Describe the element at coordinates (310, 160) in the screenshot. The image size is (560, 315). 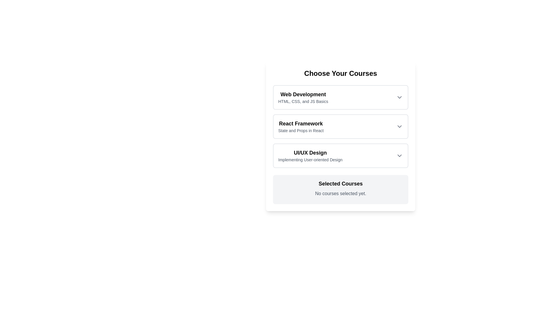
I see `the descriptive Text label related to the 'UI/UX Design' section` at that location.